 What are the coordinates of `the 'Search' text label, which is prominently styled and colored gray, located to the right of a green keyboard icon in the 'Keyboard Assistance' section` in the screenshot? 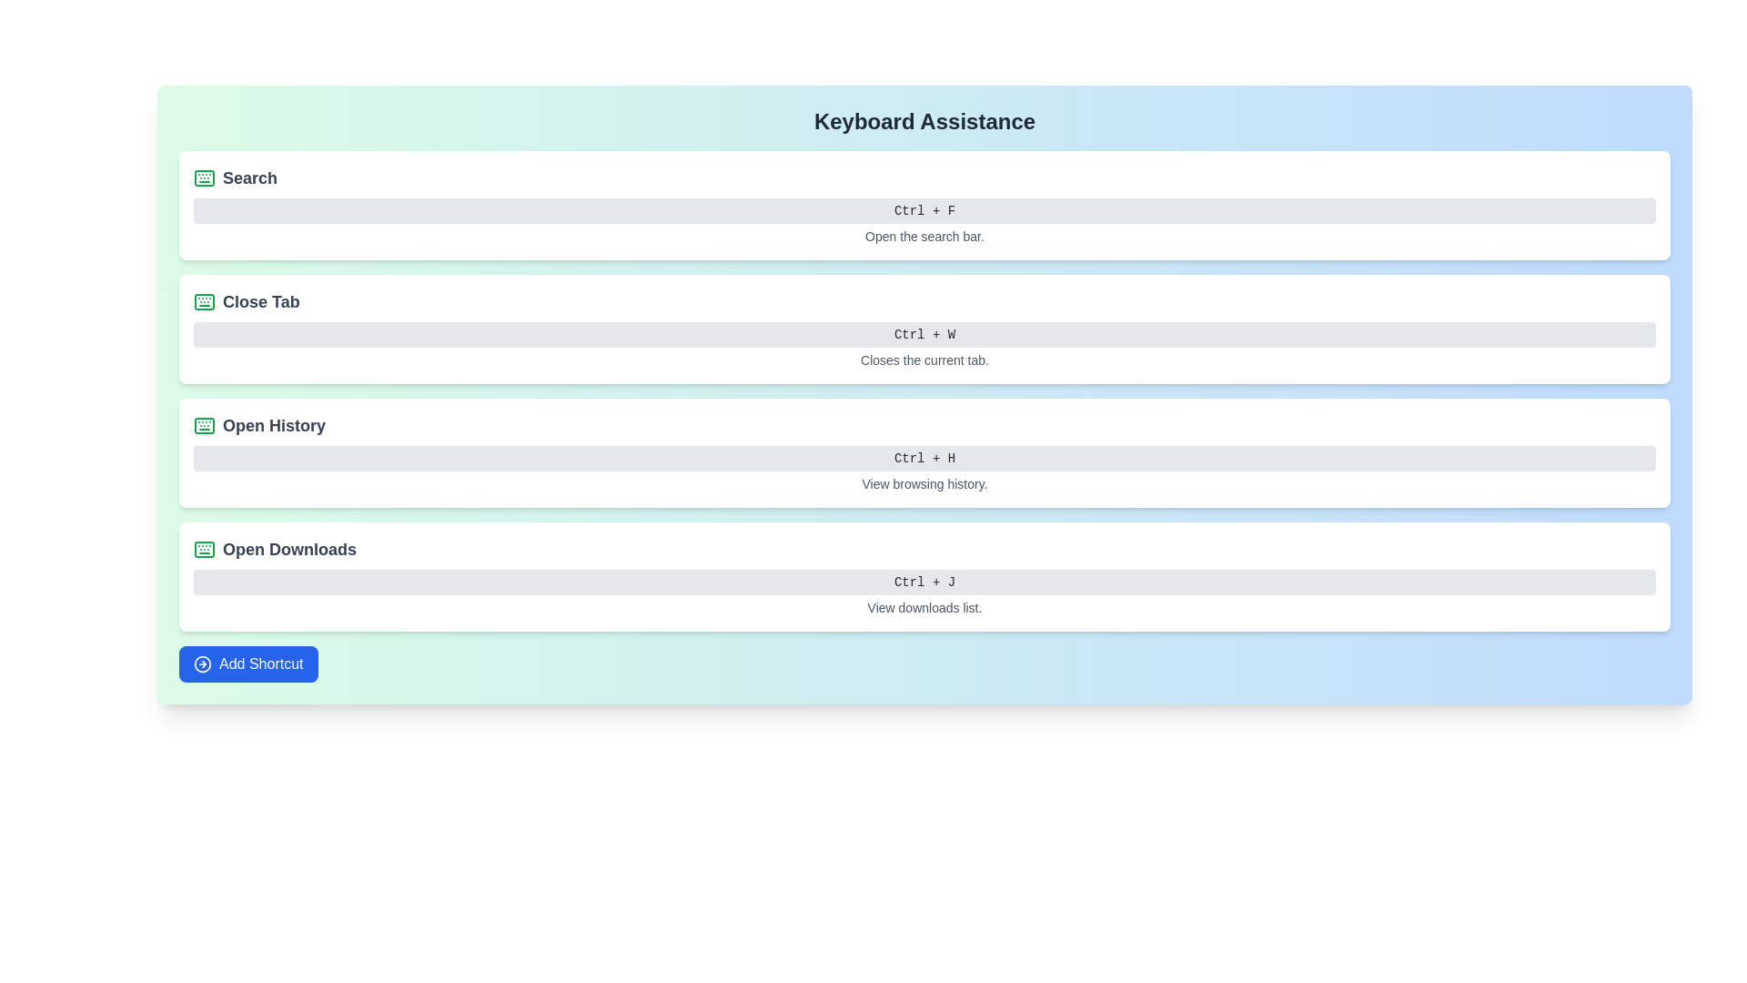 It's located at (248, 178).